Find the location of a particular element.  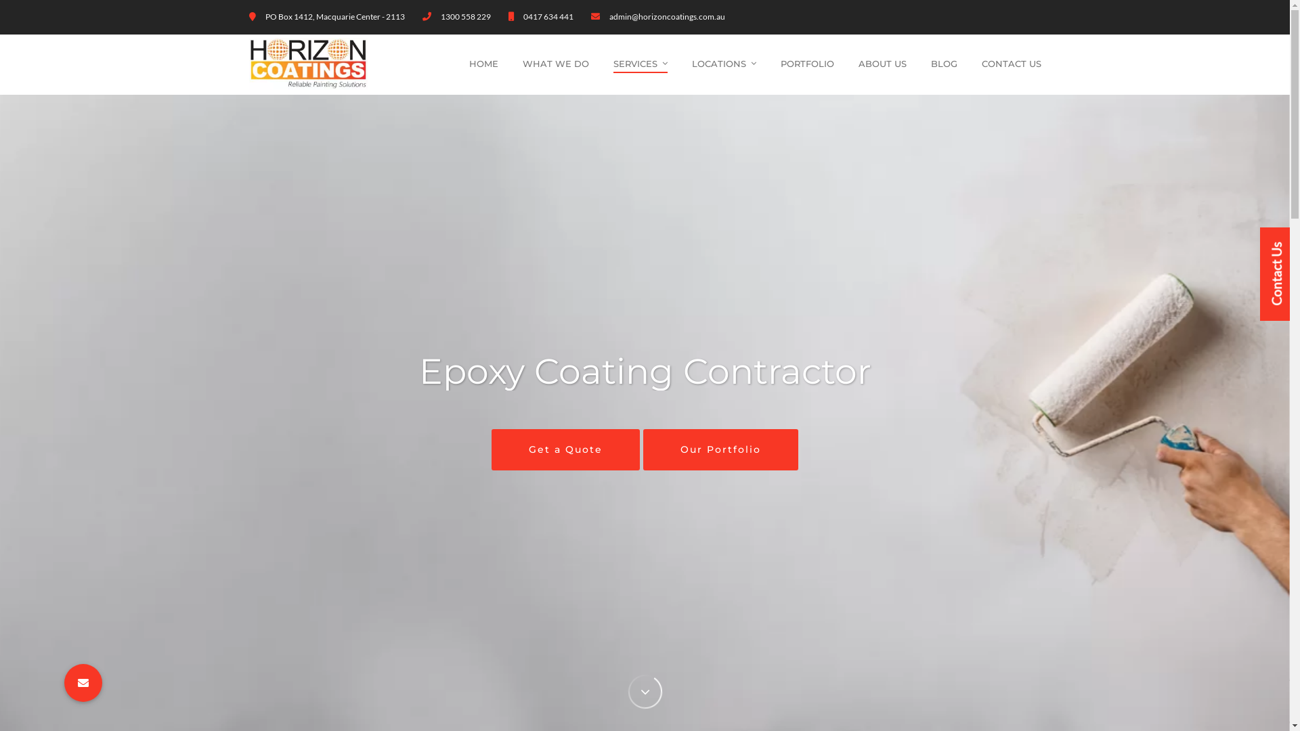

'PORTFOLIO' is located at coordinates (806, 63).